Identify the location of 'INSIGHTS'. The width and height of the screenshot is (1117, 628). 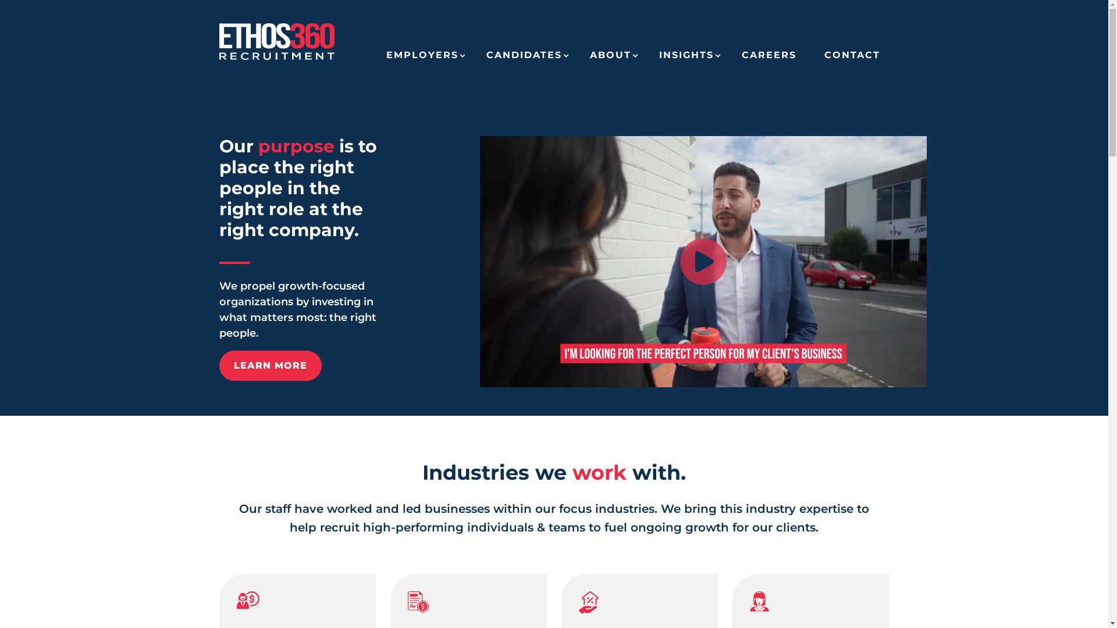
(686, 59).